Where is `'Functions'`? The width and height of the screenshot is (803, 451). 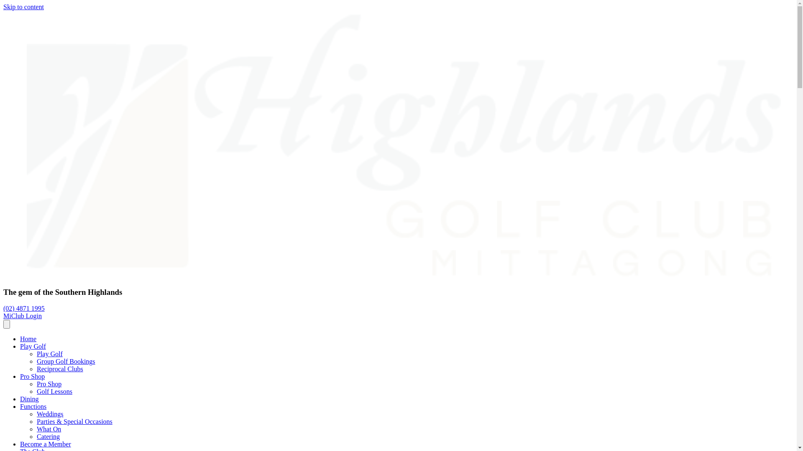
'Functions' is located at coordinates (33, 406).